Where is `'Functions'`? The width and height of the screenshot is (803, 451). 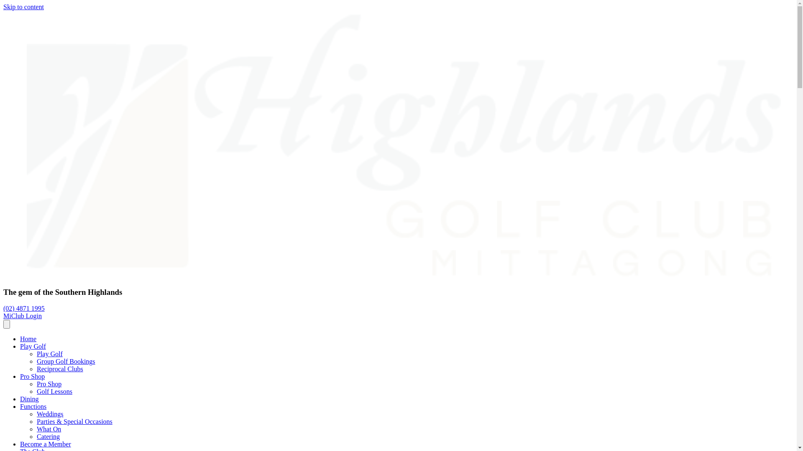
'Functions' is located at coordinates (33, 406).